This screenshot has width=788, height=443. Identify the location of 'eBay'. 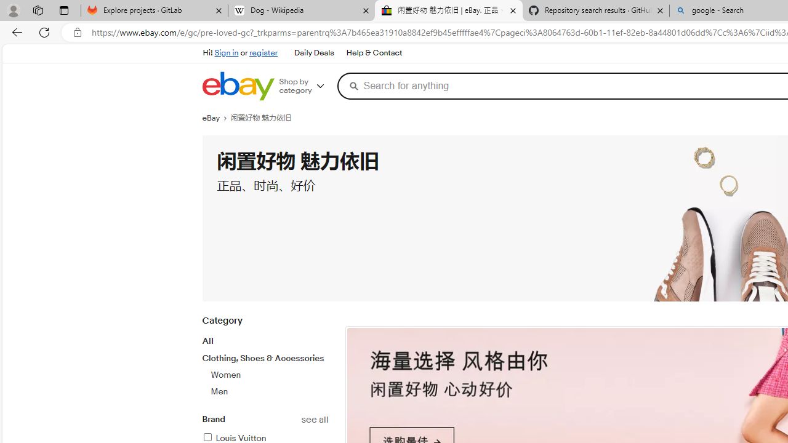
(216, 118).